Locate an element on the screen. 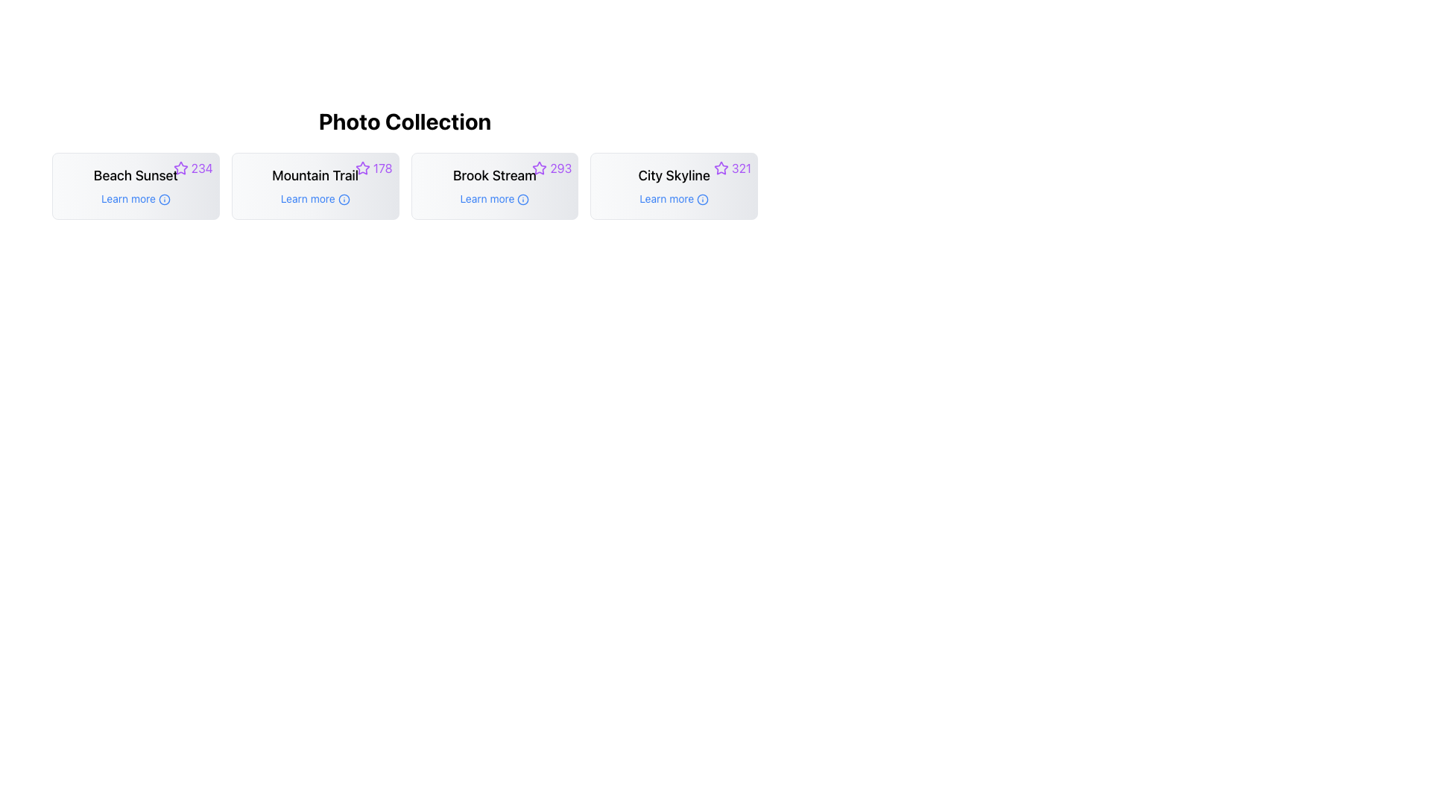  the circular icon with a blue outline and white center featuring an 'i' symbol, located to the right of the 'Learn more' link under the 'Brook Stream' card in the 'Photo Collection' section is located at coordinates (523, 199).